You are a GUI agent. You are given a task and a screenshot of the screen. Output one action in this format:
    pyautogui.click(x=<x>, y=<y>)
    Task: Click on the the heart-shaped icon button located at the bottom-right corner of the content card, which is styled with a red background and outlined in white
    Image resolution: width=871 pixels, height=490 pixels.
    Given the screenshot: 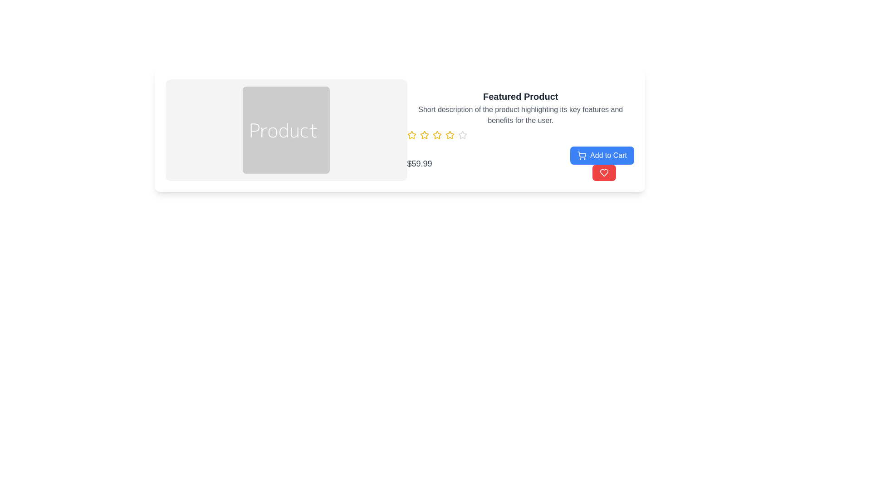 What is the action you would take?
    pyautogui.click(x=604, y=173)
    